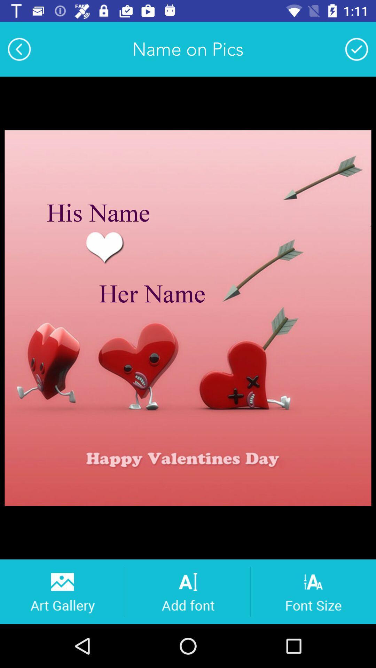  I want to click on app to the left of name on pics, so click(19, 49).